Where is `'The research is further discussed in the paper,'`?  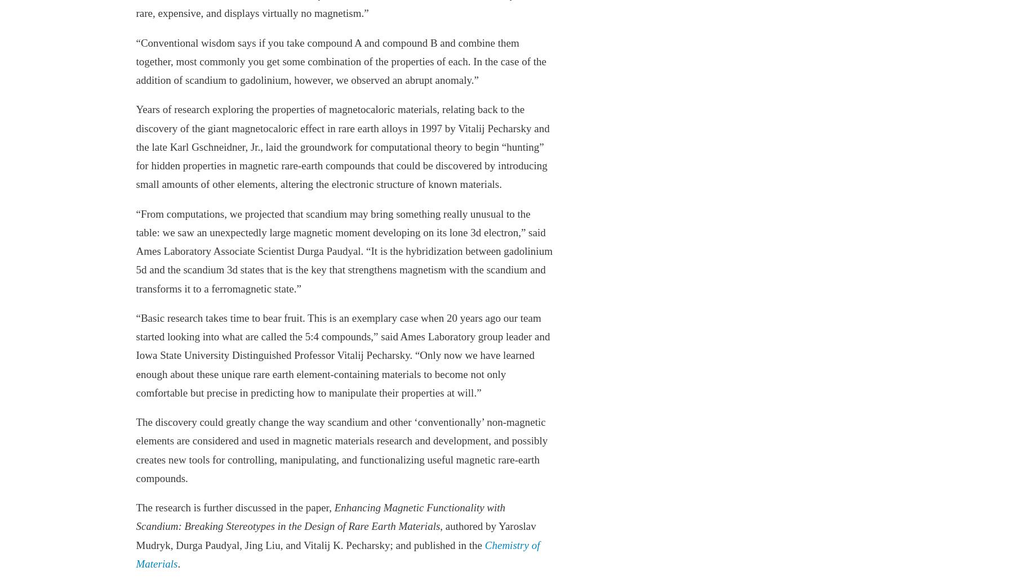
'The research is further discussed in the paper,' is located at coordinates (235, 507).